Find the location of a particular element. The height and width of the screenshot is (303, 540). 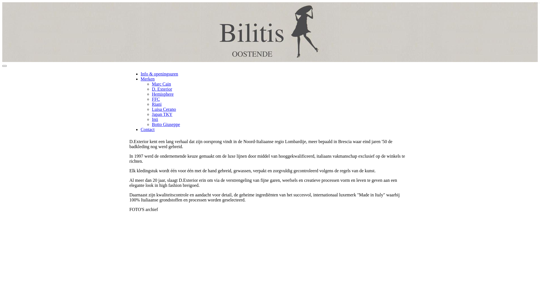

'Hemisphere' is located at coordinates (162, 94).